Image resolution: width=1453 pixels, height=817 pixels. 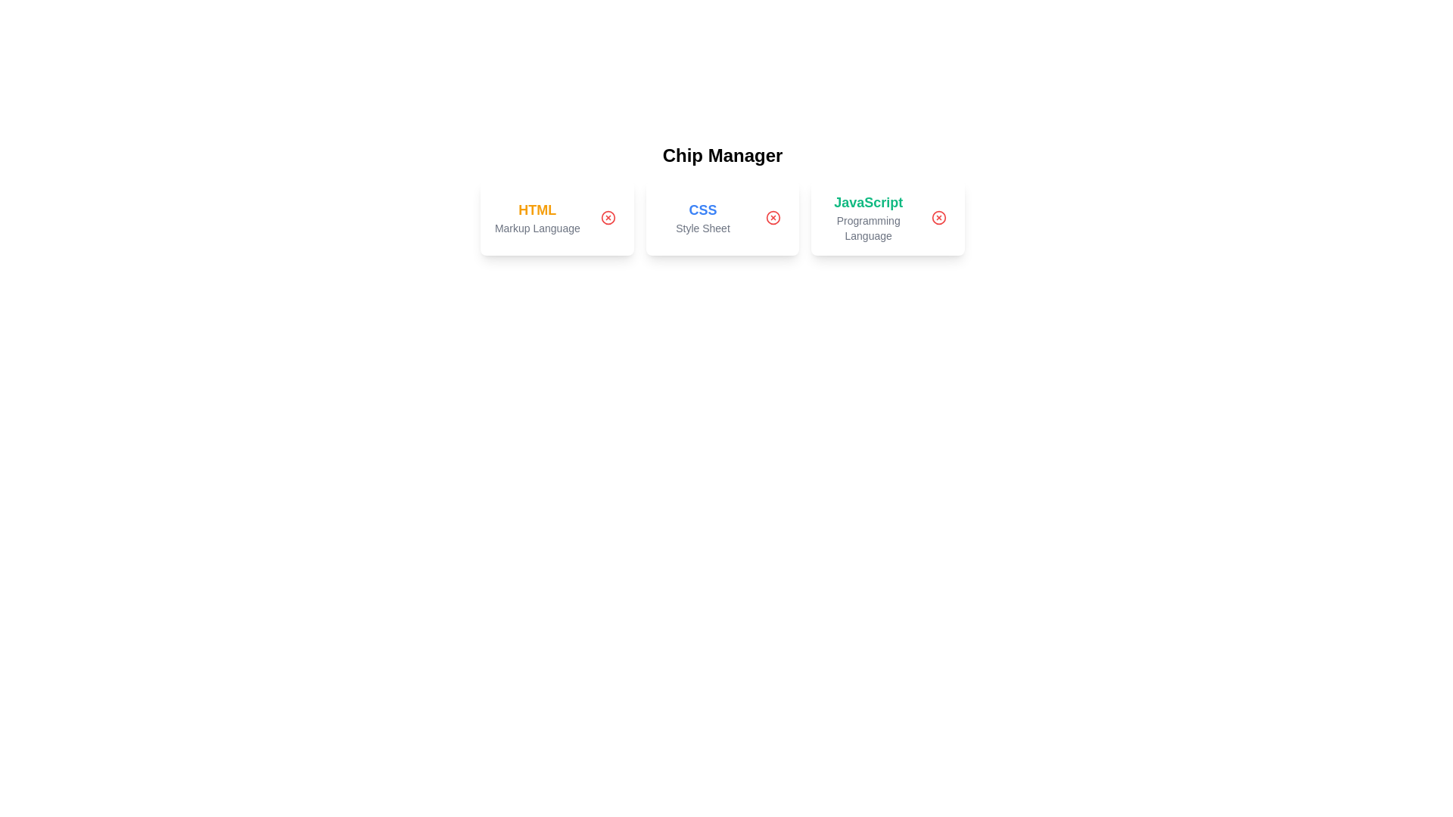 I want to click on the delete button of the chip labeled HTML, so click(x=608, y=218).